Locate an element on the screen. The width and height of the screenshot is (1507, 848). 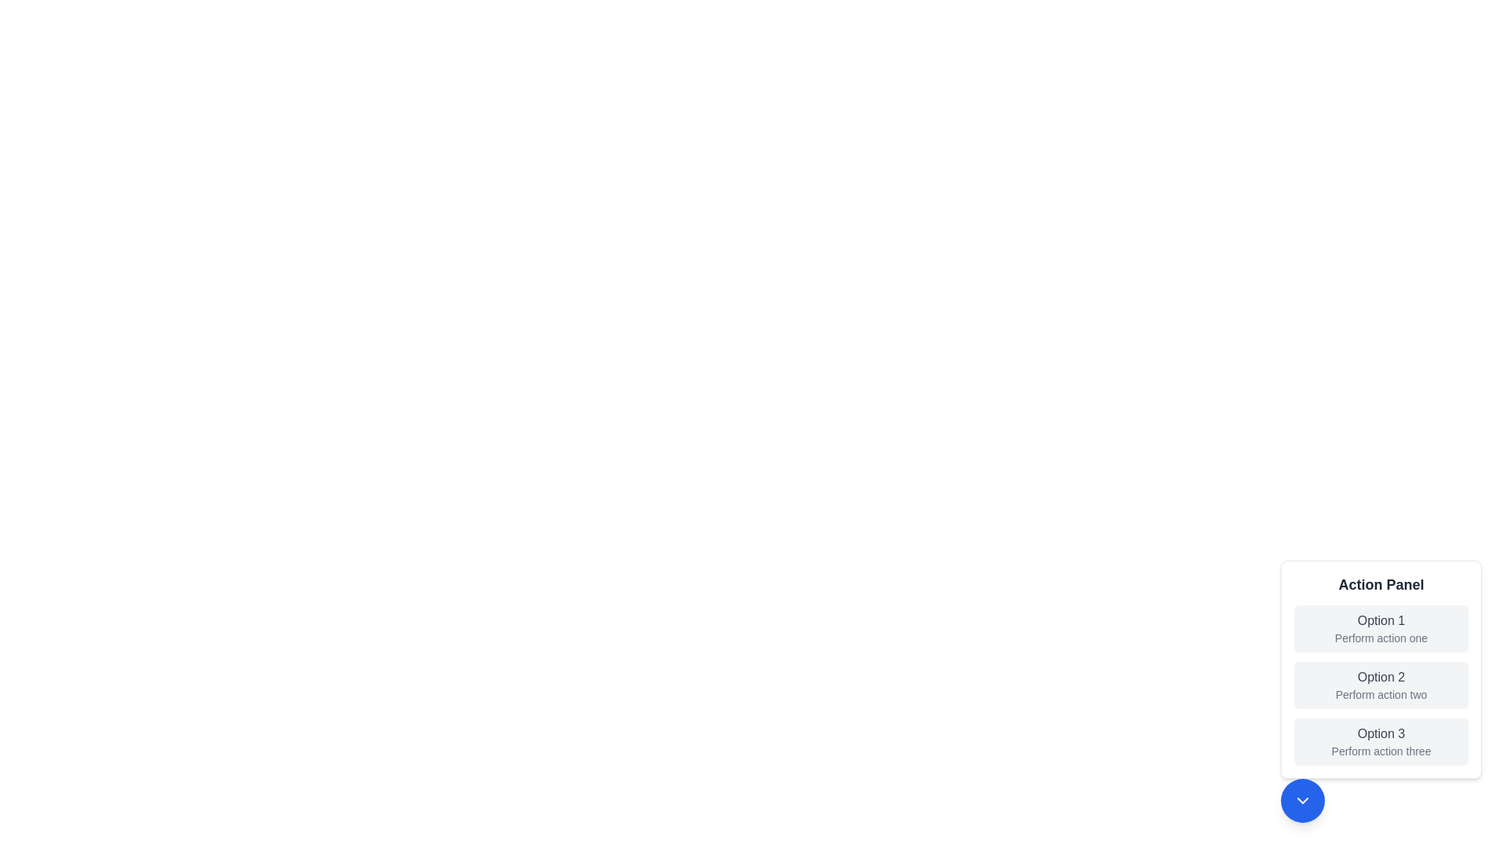
the button located at the bottom-most position of the 'Action Panel' menu is located at coordinates (1381, 742).